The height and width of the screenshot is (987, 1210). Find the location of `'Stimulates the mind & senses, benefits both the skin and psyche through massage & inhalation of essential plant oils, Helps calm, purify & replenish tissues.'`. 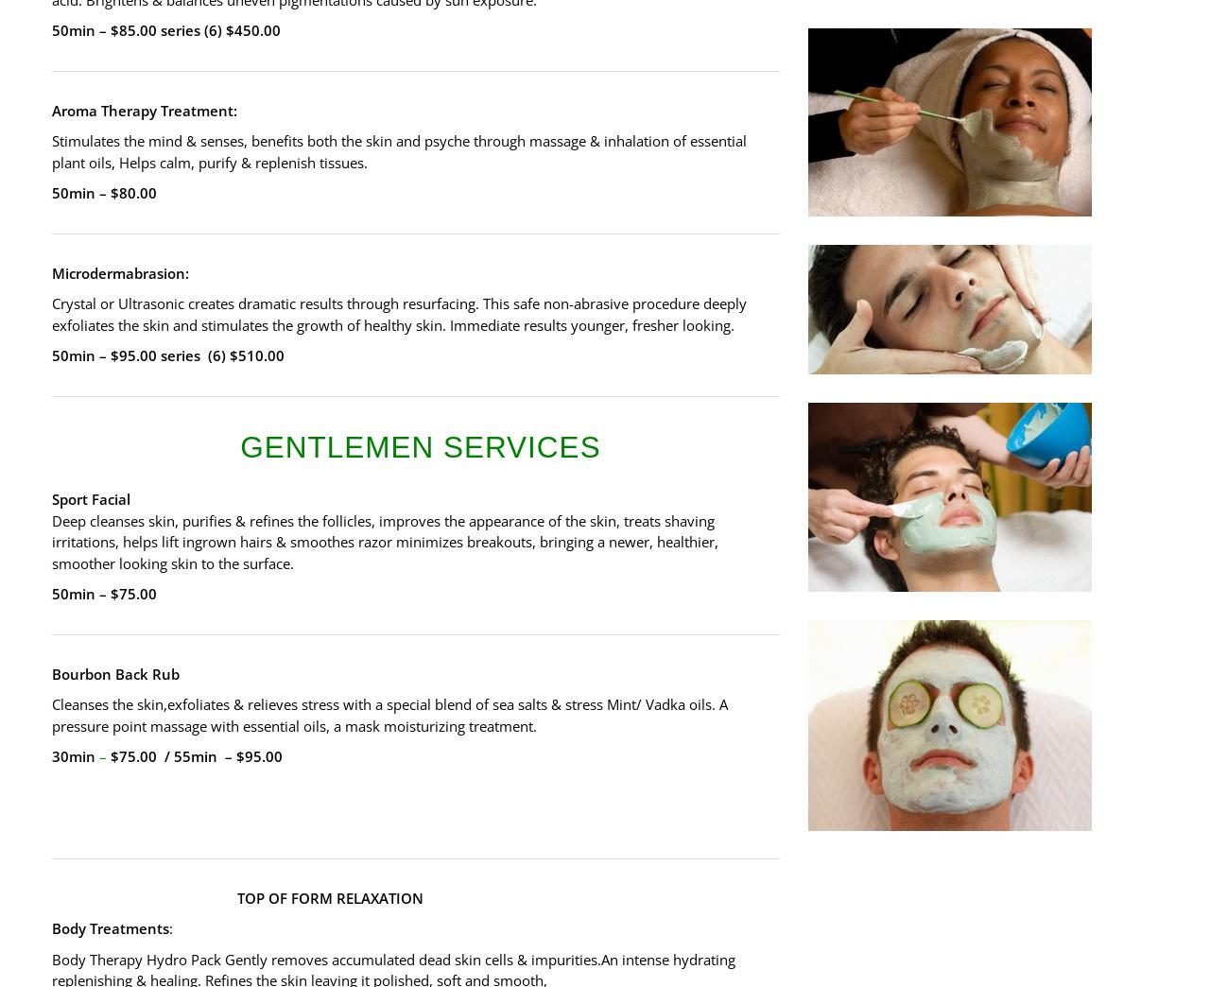

'Stimulates the mind & senses, benefits both the skin and psyche through massage & inhalation of essential plant oils, Helps calm, purify & replenish tissues.' is located at coordinates (398, 150).